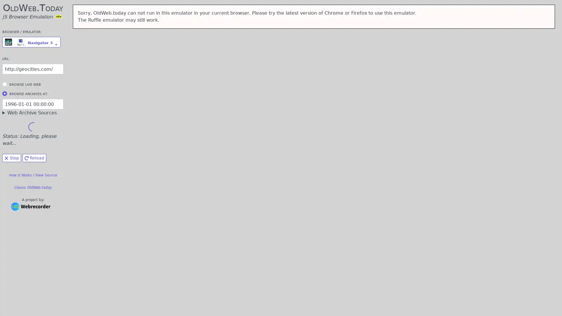 The image size is (562, 316). I want to click on Reload, so click(34, 158).